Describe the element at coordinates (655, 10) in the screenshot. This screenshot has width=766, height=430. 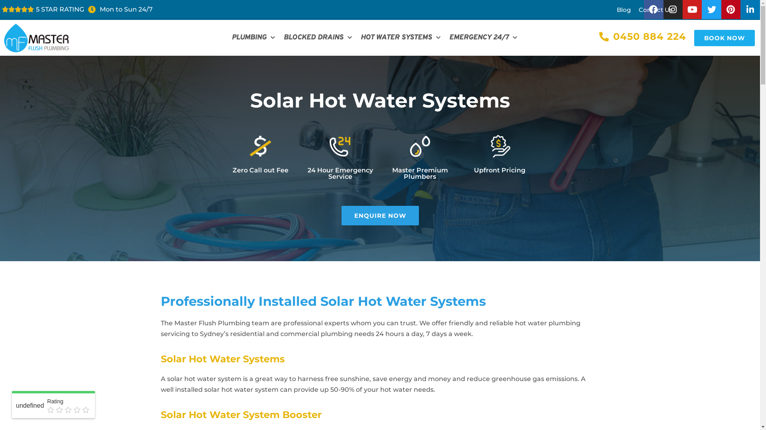
I see `'Contact Us'` at that location.